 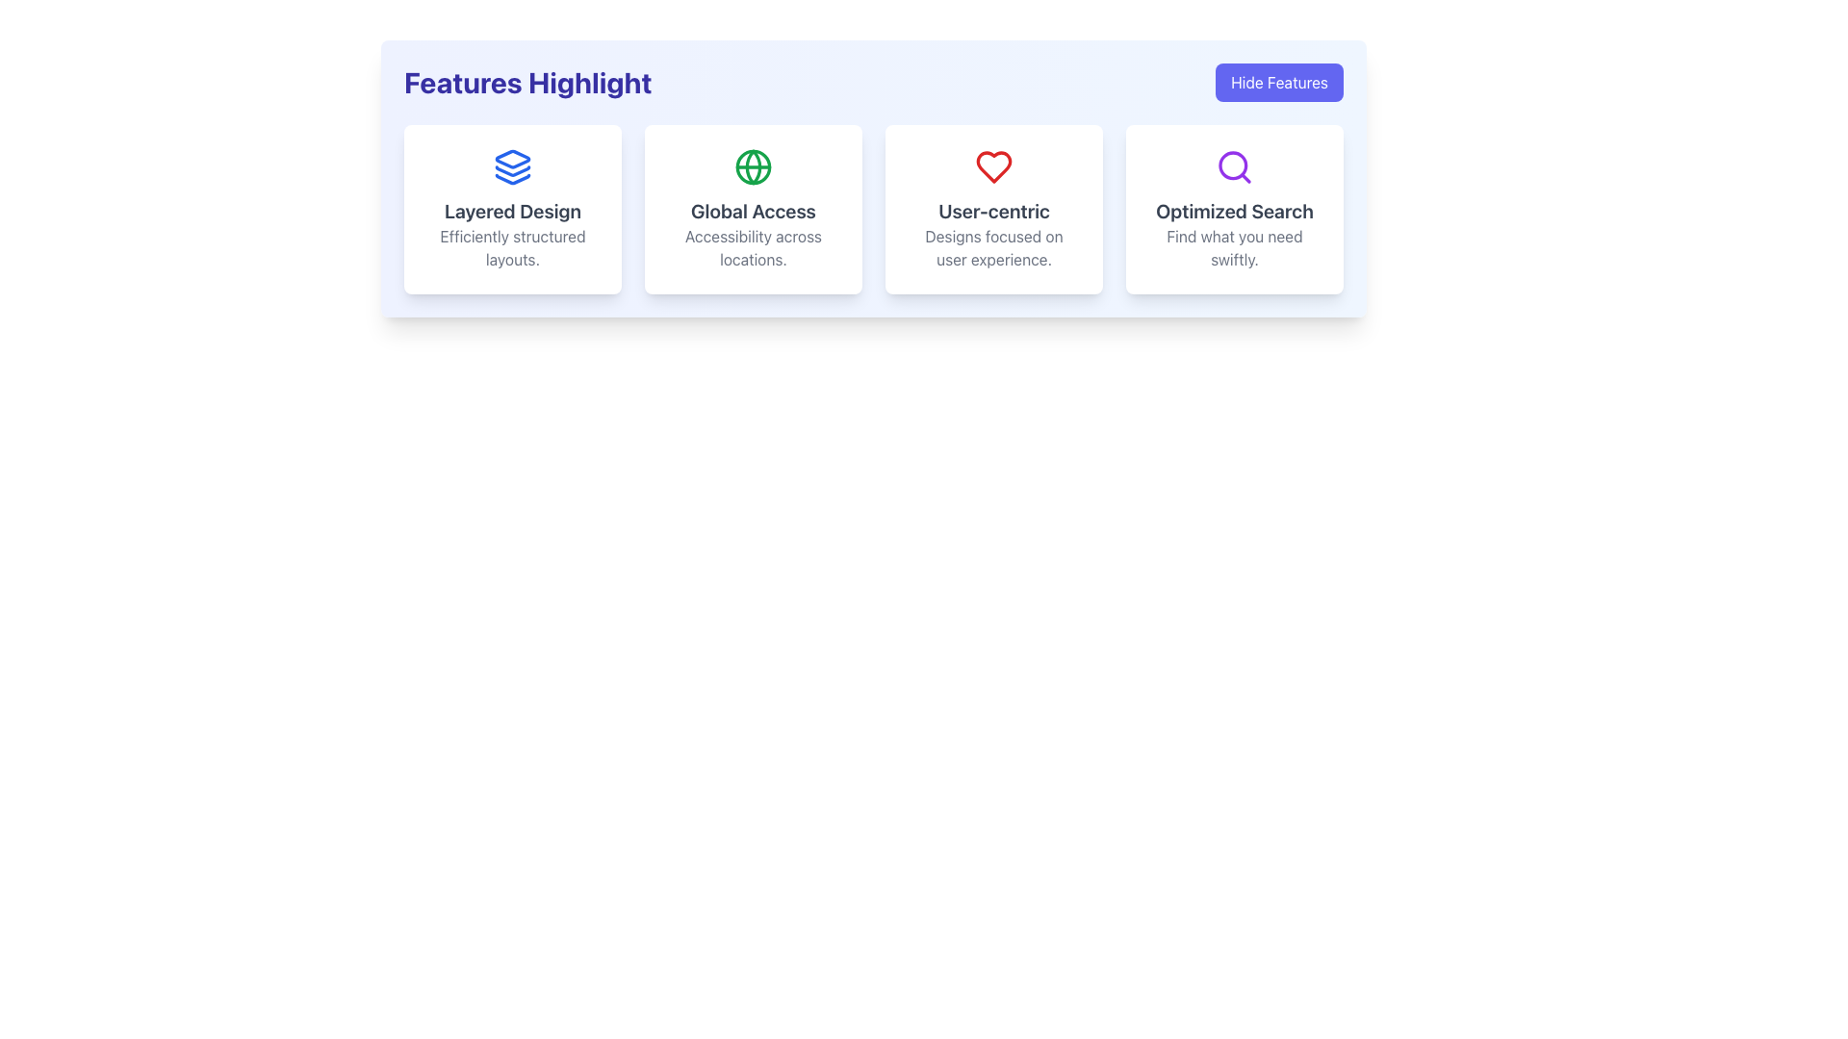 What do you see at coordinates (993, 211) in the screenshot?
I see `the title text element that summarizes the card's content, positioned below the heart icon and above the user experience phrase in the third card of the 'Features Highlight' section` at bounding box center [993, 211].